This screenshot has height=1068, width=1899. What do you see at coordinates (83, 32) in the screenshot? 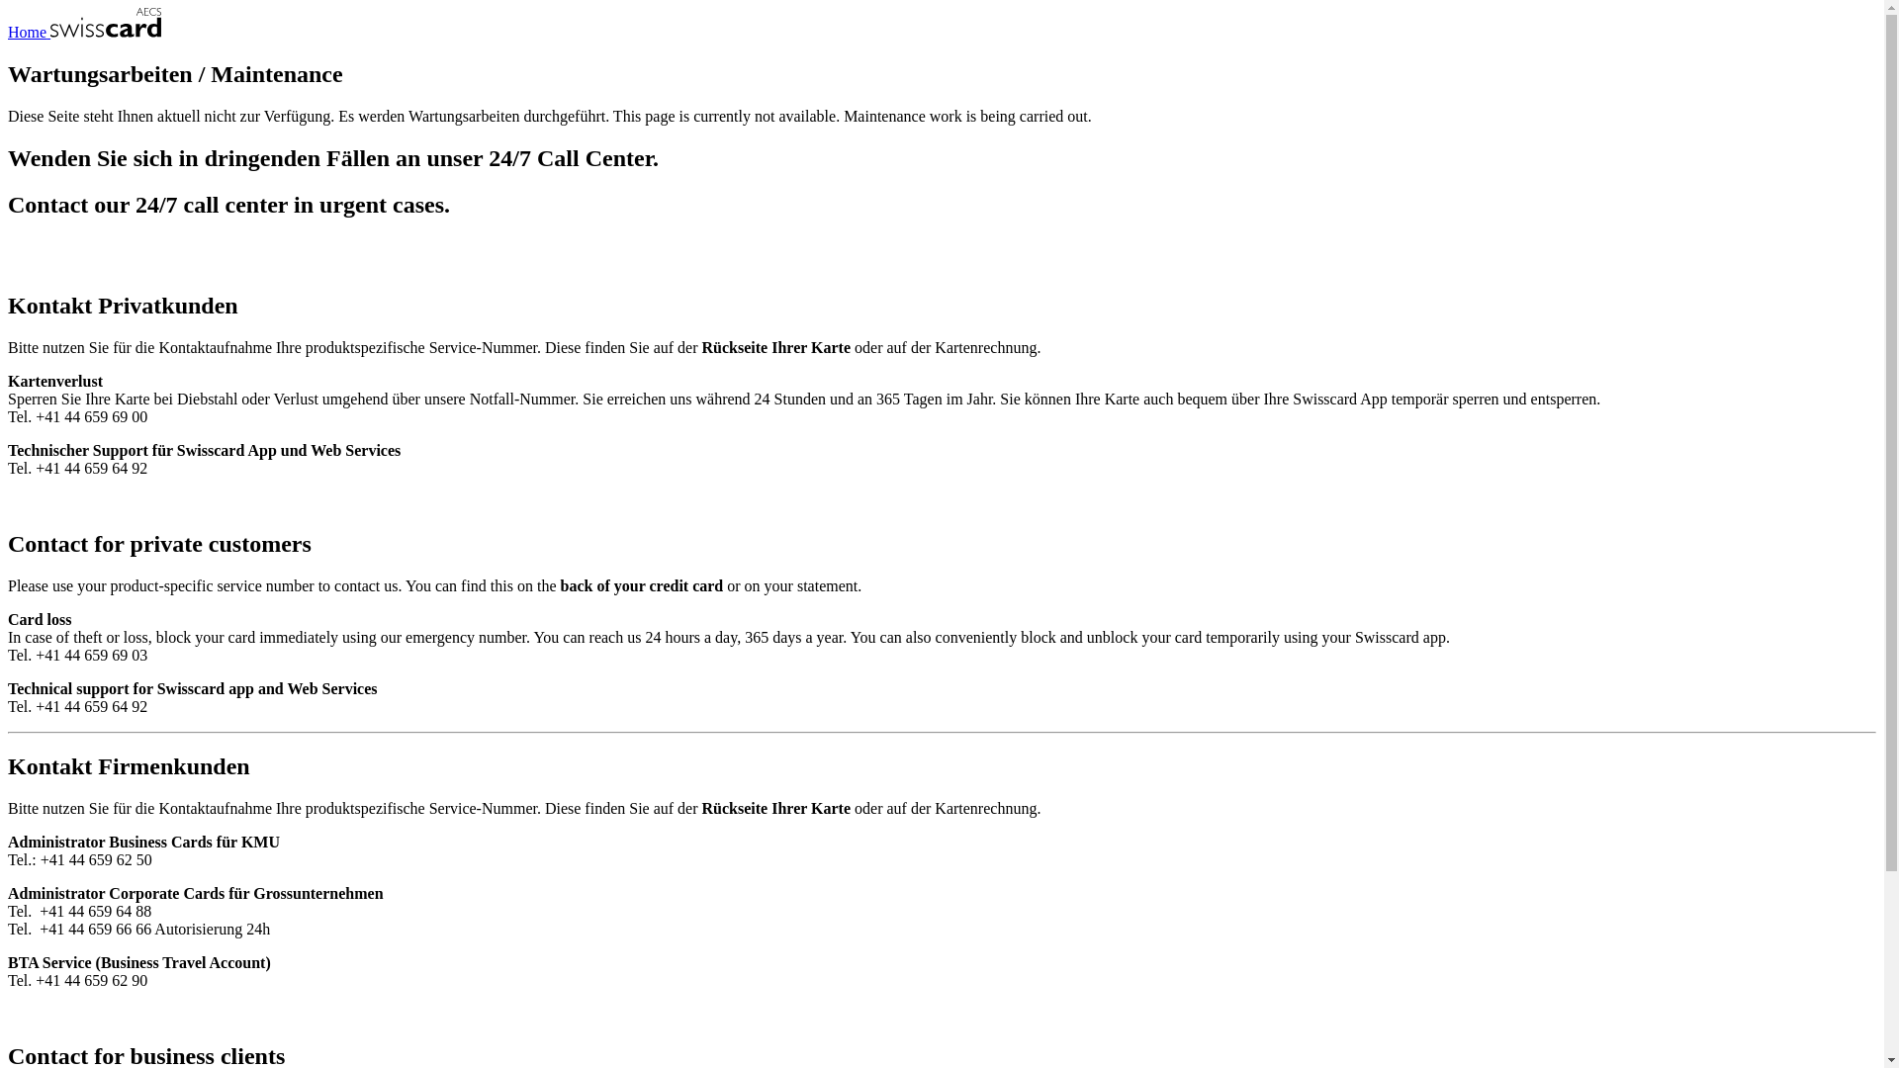
I see `'Home'` at bounding box center [83, 32].